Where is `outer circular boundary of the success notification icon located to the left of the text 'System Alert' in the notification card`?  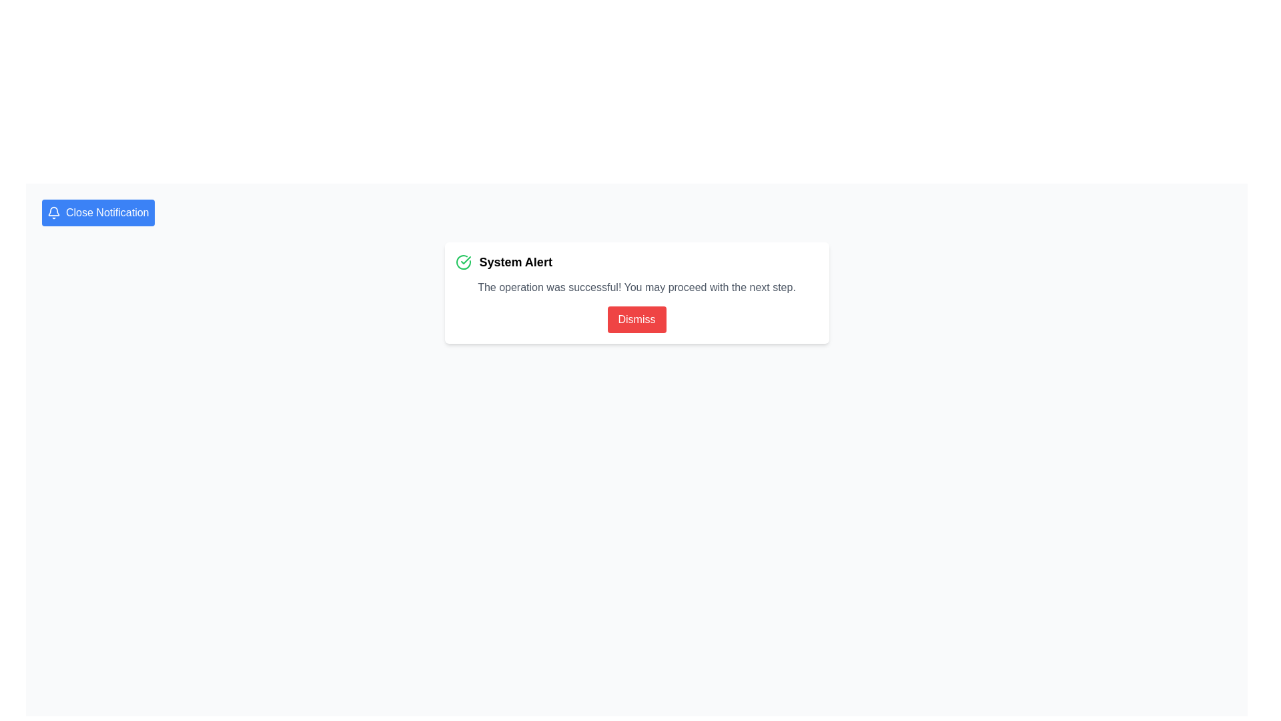 outer circular boundary of the success notification icon located to the left of the text 'System Alert' in the notification card is located at coordinates (463, 262).